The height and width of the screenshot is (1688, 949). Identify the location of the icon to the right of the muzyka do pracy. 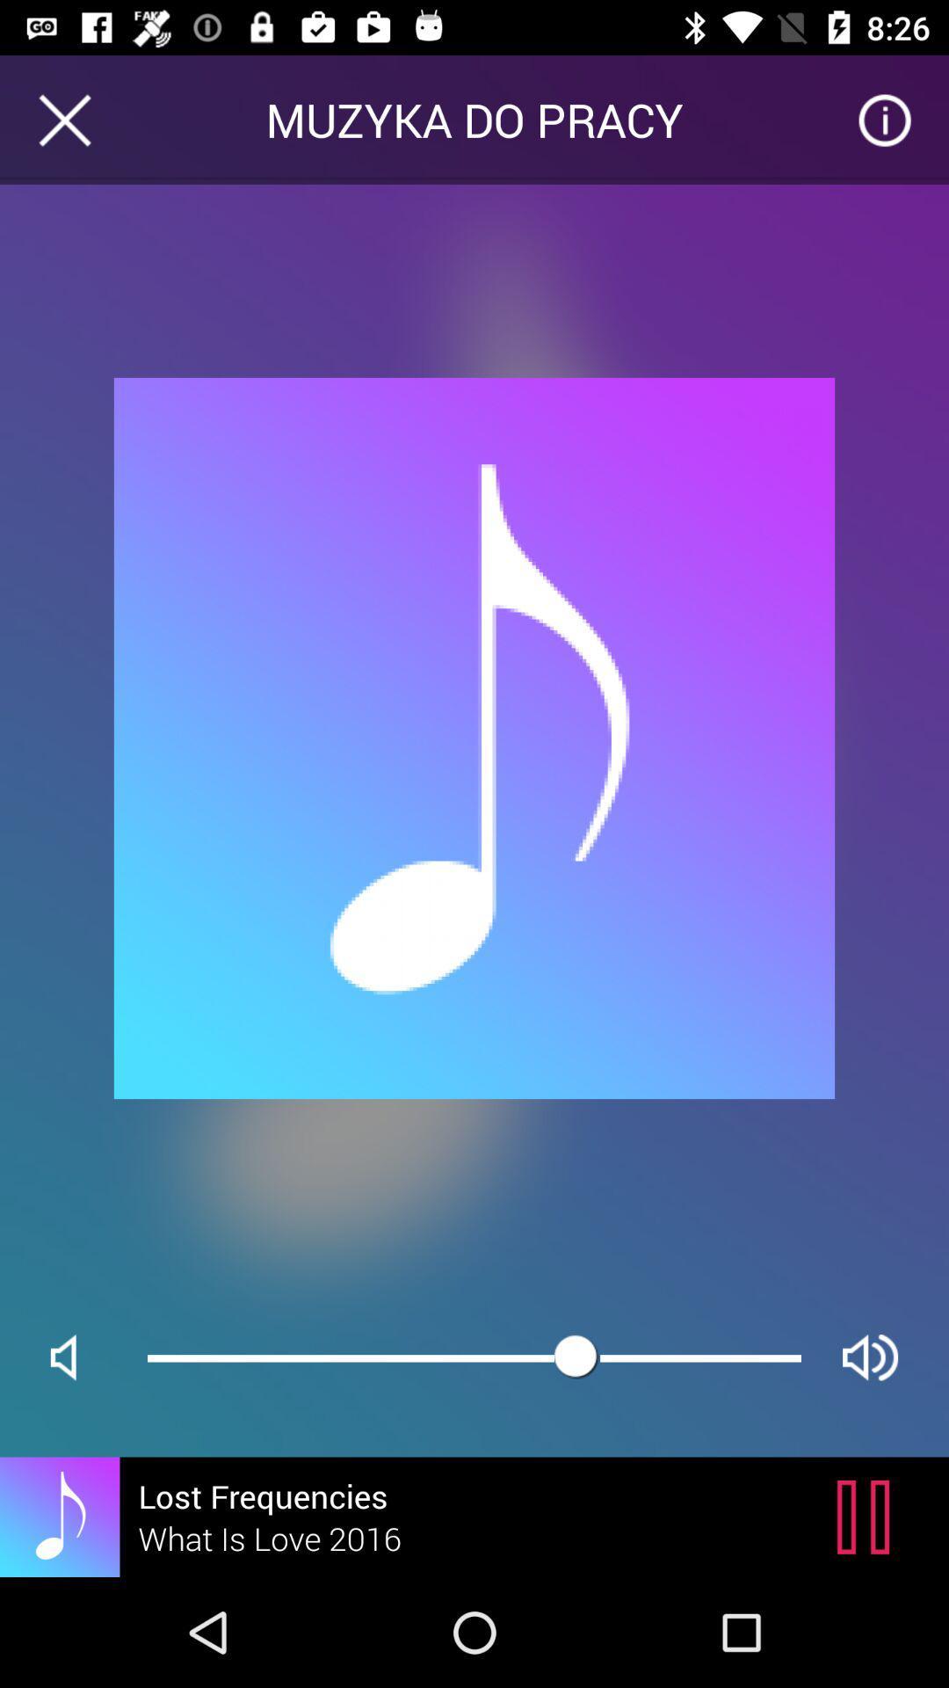
(884, 119).